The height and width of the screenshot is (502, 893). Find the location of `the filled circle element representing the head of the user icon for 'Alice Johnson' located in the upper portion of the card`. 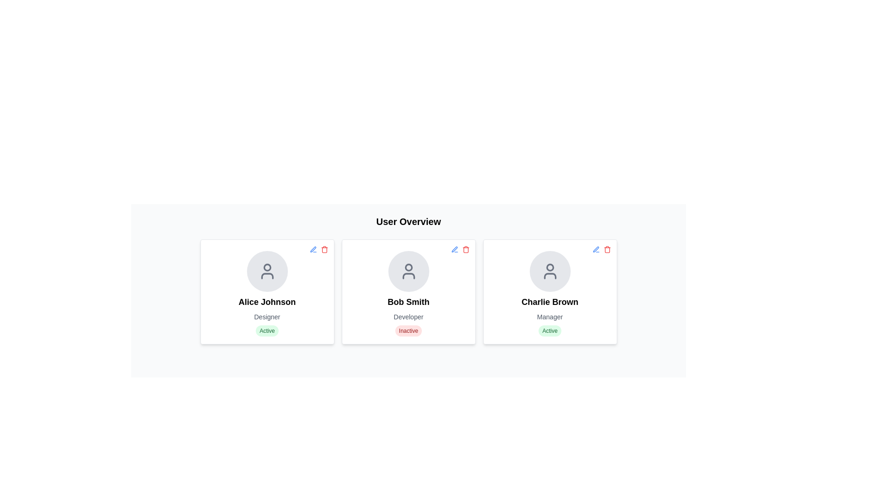

the filled circle element representing the head of the user icon for 'Alice Johnson' located in the upper portion of the card is located at coordinates (267, 267).